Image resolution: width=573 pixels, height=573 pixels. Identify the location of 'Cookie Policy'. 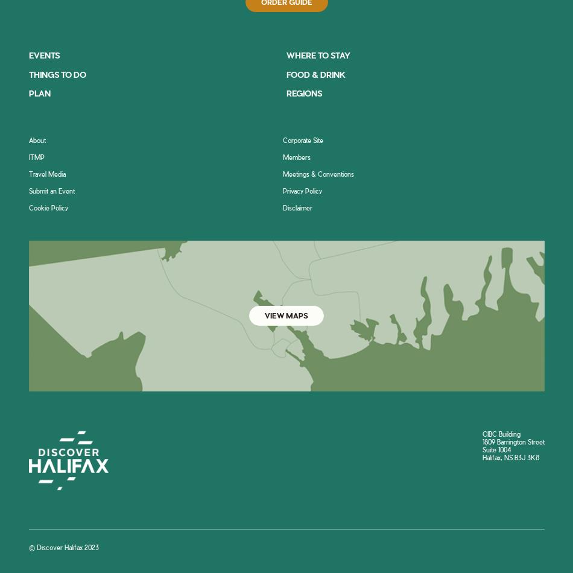
(48, 206).